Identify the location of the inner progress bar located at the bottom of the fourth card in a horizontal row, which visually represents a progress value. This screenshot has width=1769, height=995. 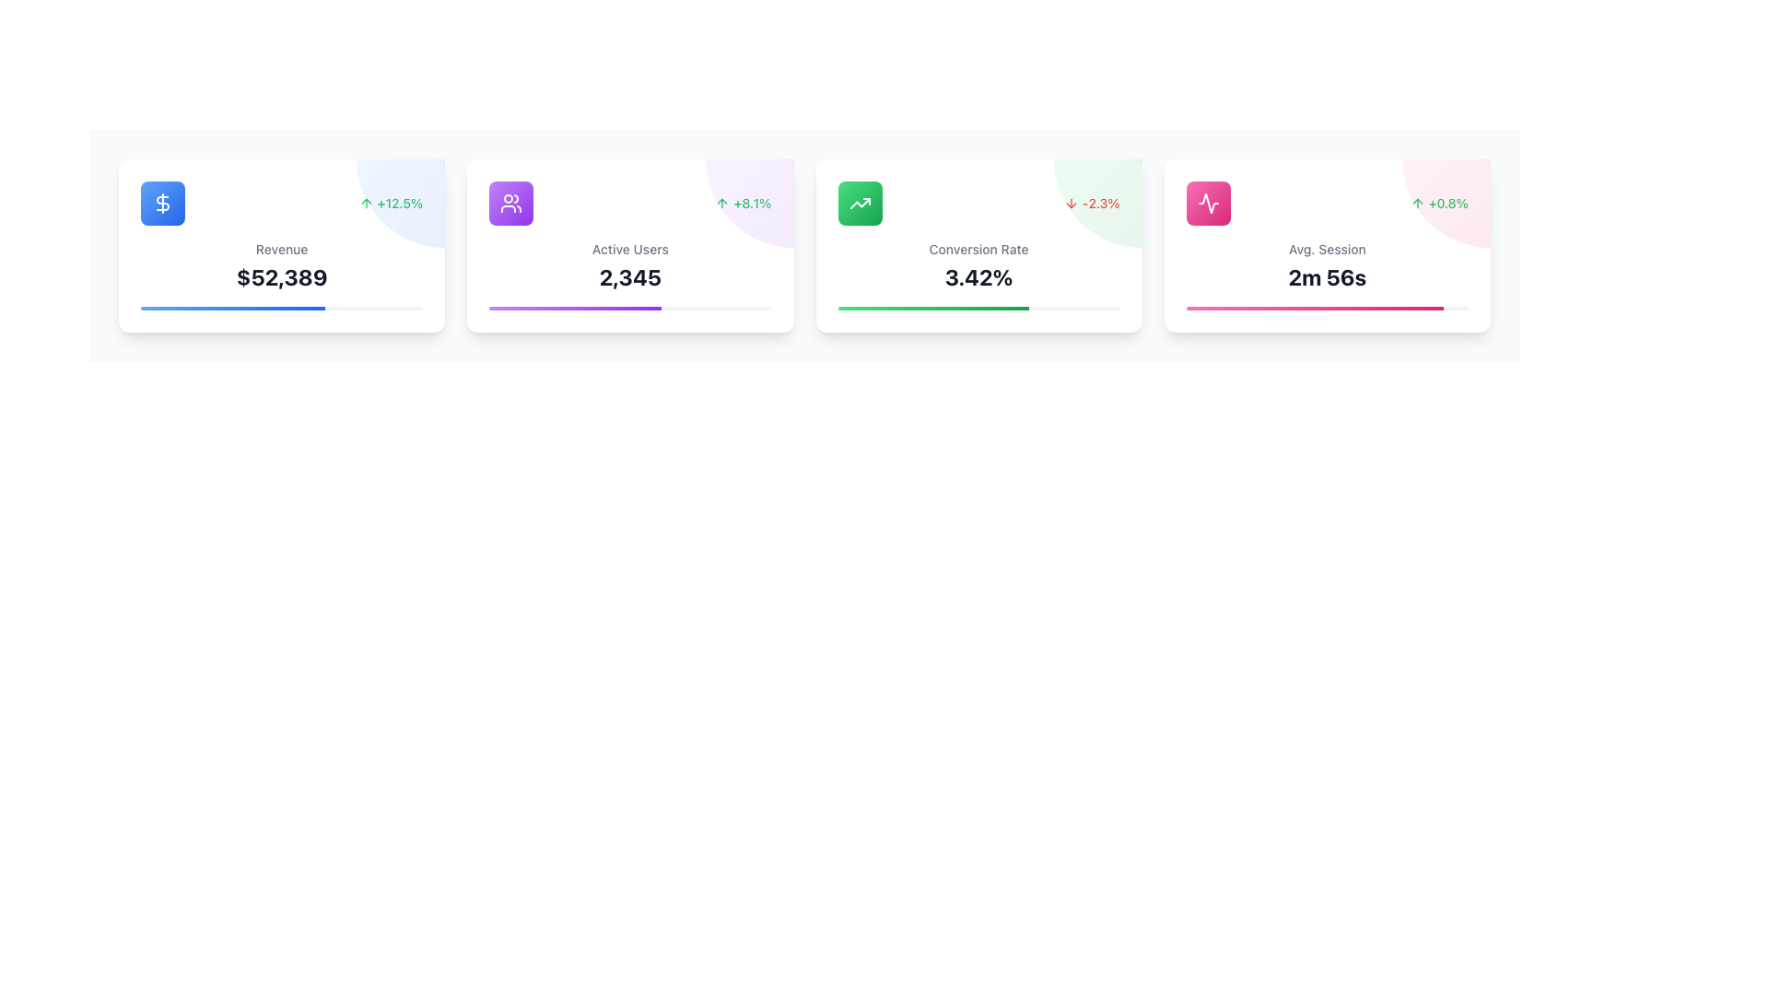
(1314, 308).